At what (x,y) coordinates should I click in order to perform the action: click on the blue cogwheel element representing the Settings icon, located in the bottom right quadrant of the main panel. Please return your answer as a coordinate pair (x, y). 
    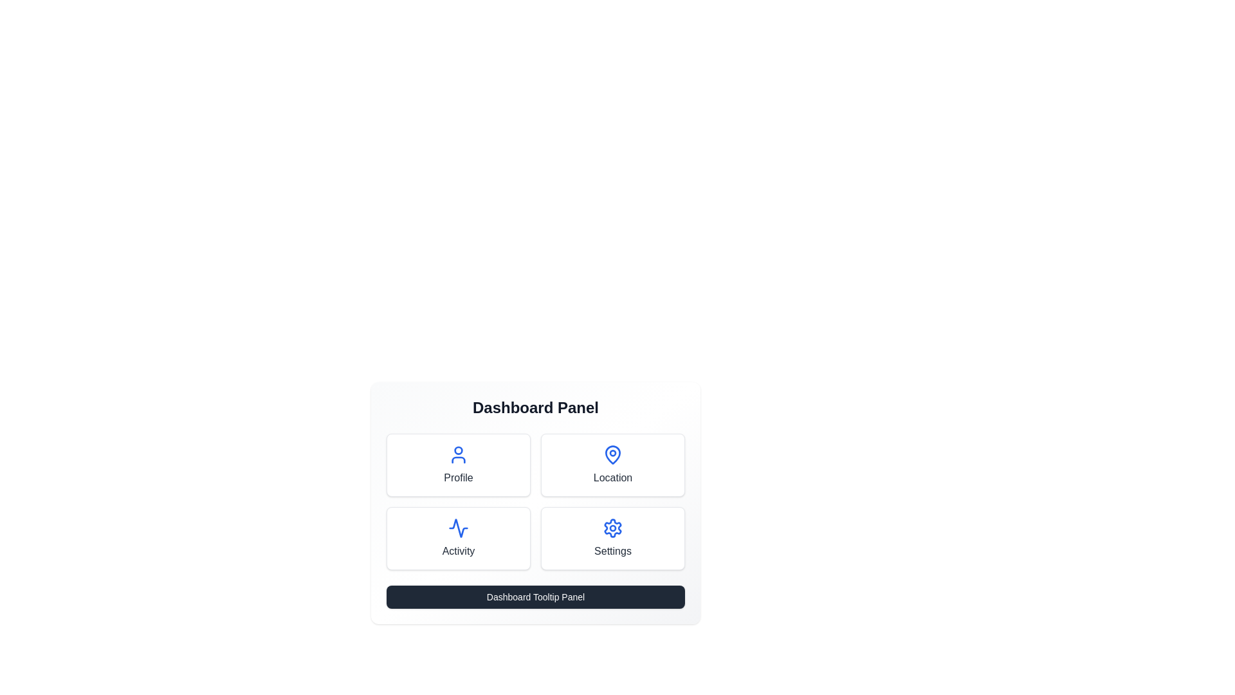
    Looking at the image, I should click on (612, 528).